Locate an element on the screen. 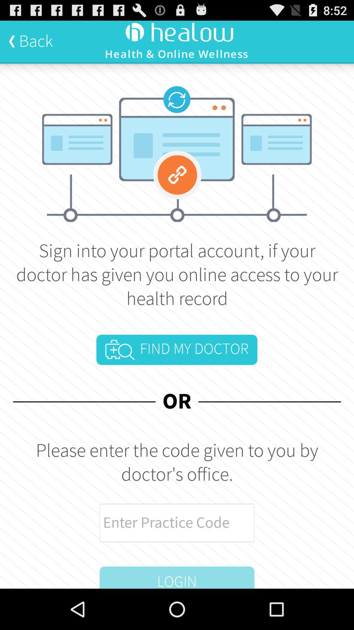 The width and height of the screenshot is (354, 630). icon above or icon is located at coordinates (176, 349).